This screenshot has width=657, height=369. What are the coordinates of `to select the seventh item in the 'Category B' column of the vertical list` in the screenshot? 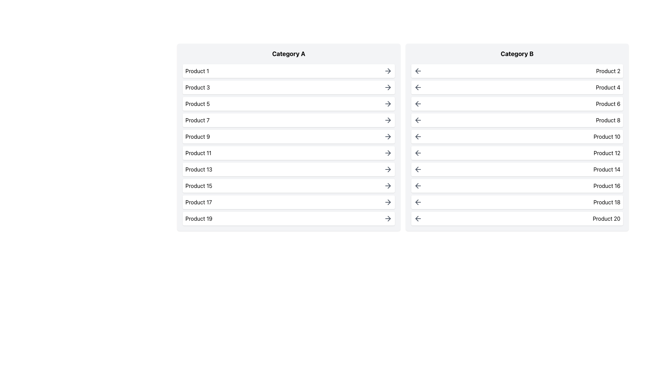 It's located at (517, 169).